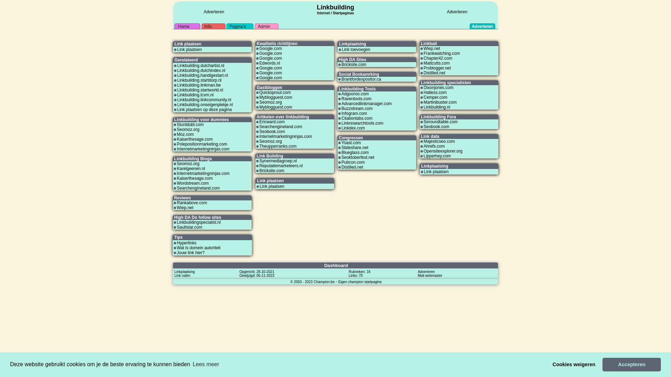  Describe the element at coordinates (177, 84) in the screenshot. I see `'Linkbuilding.linkman.be'` at that location.